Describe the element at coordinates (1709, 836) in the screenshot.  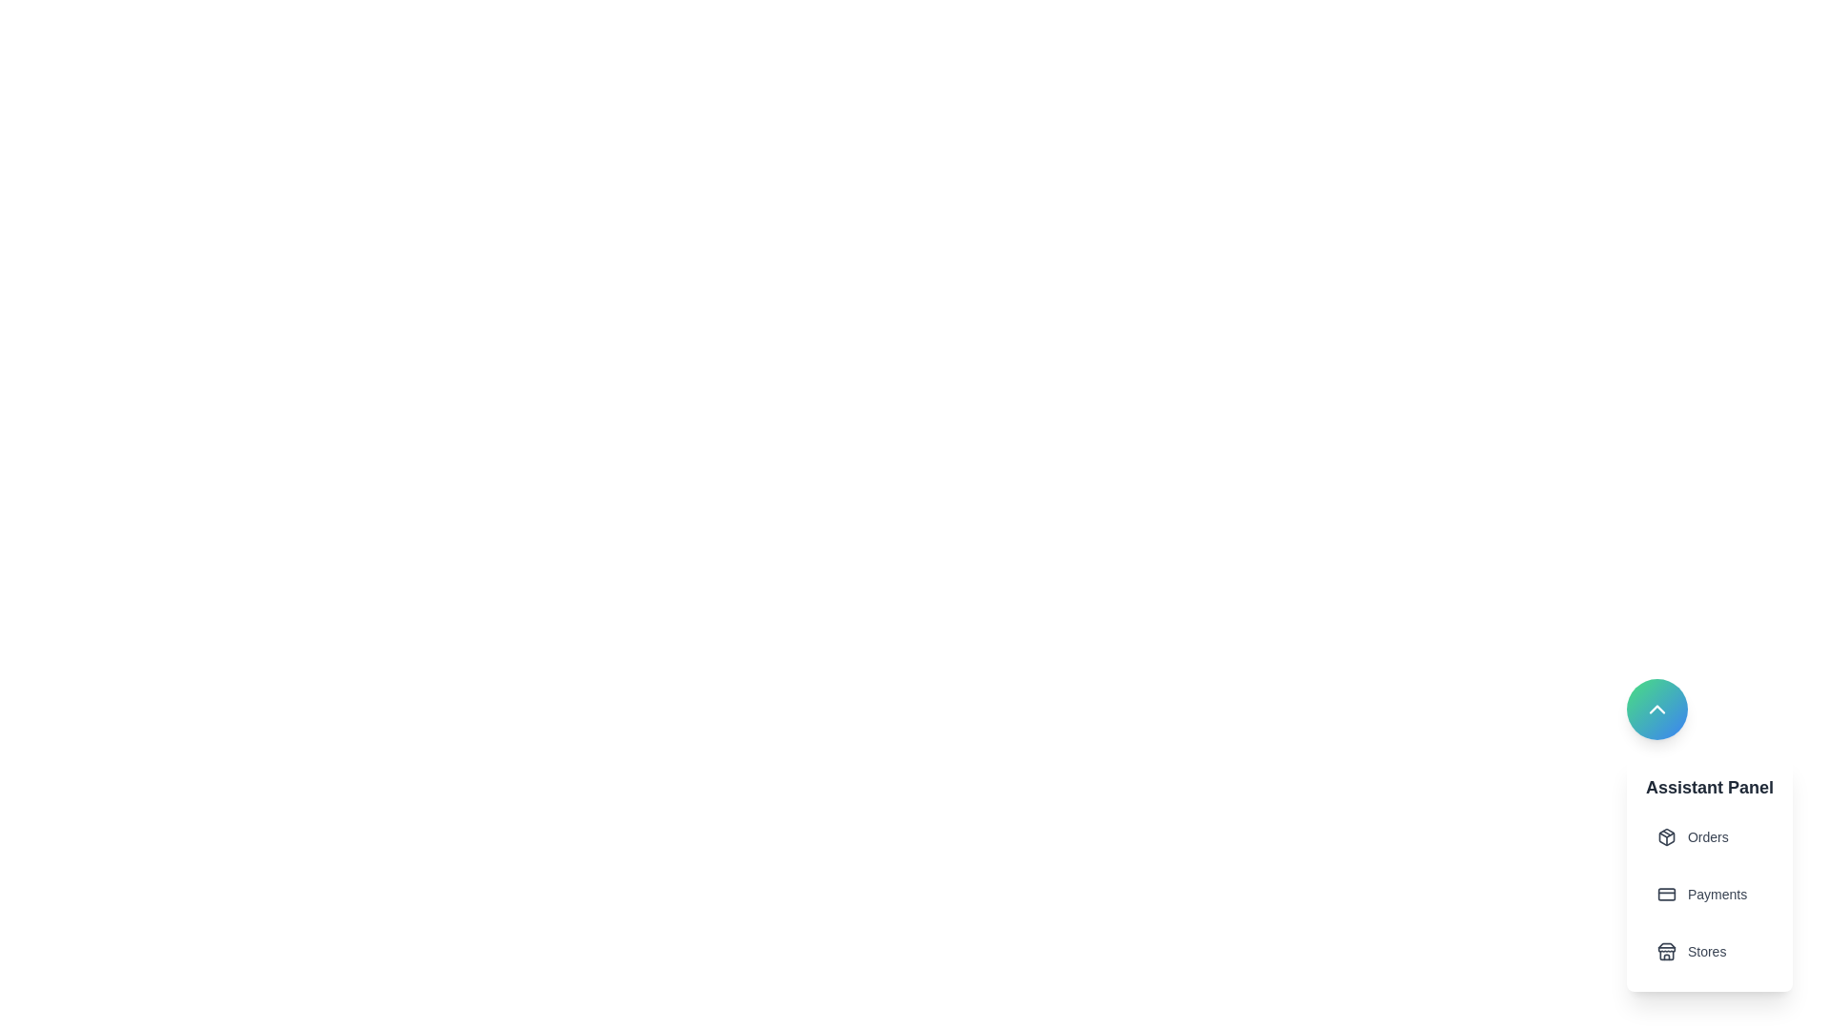
I see `the Orders from the assistant panel` at that location.